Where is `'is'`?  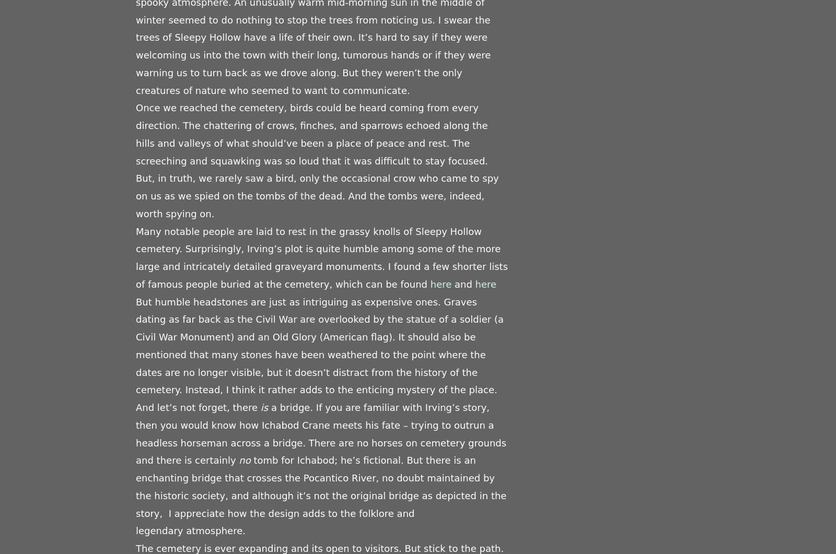
'is' is located at coordinates (263, 407).